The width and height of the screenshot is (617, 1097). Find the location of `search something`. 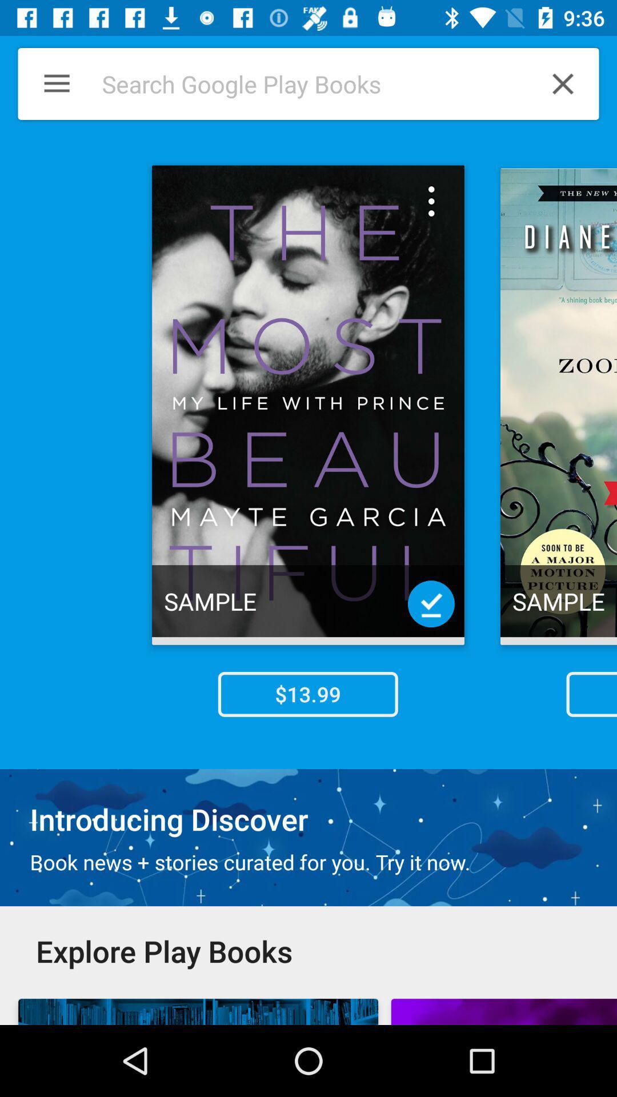

search something is located at coordinates (302, 83).